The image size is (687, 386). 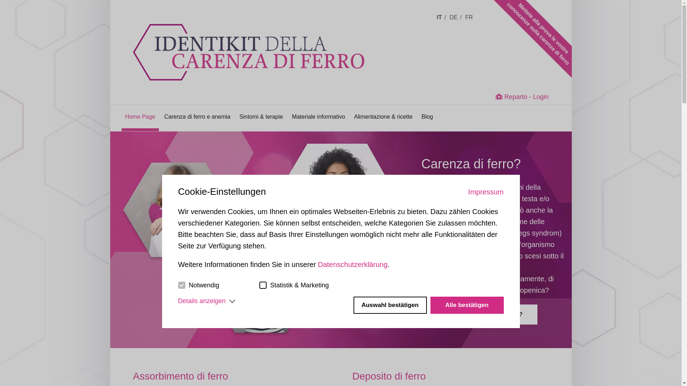 I want to click on 'Home Page', so click(x=140, y=116).